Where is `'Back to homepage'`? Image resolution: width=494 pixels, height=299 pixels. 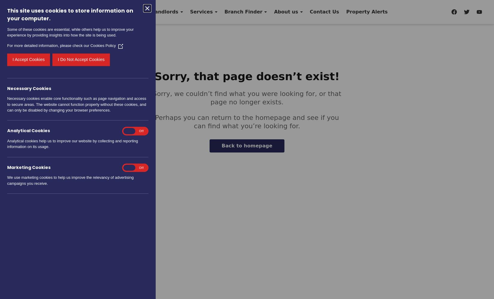
'Back to homepage' is located at coordinates (246, 145).